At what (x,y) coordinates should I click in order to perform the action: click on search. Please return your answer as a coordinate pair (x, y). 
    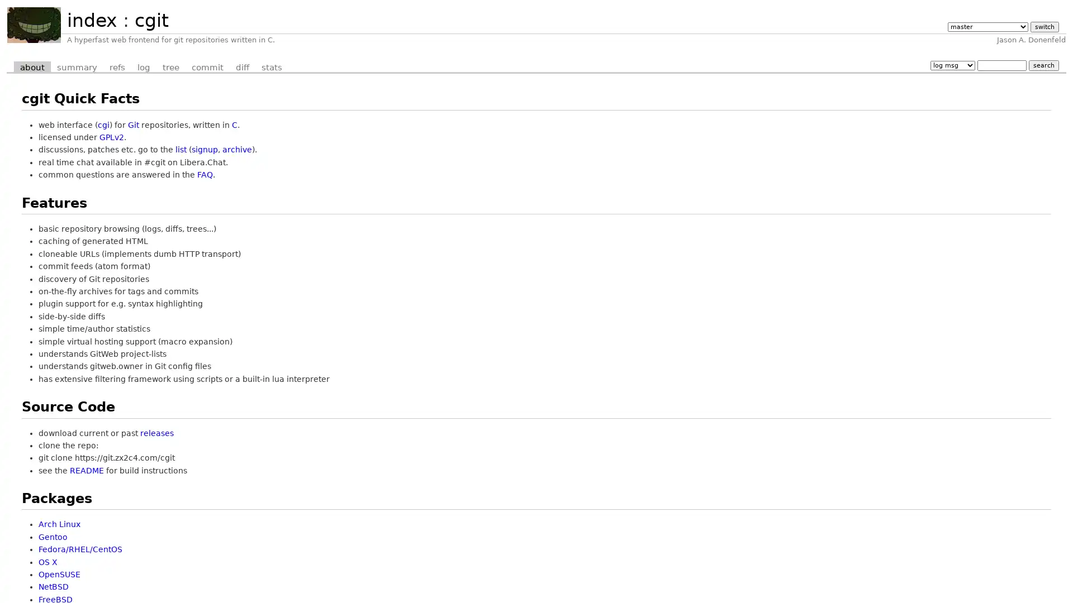
    Looking at the image, I should click on (1043, 65).